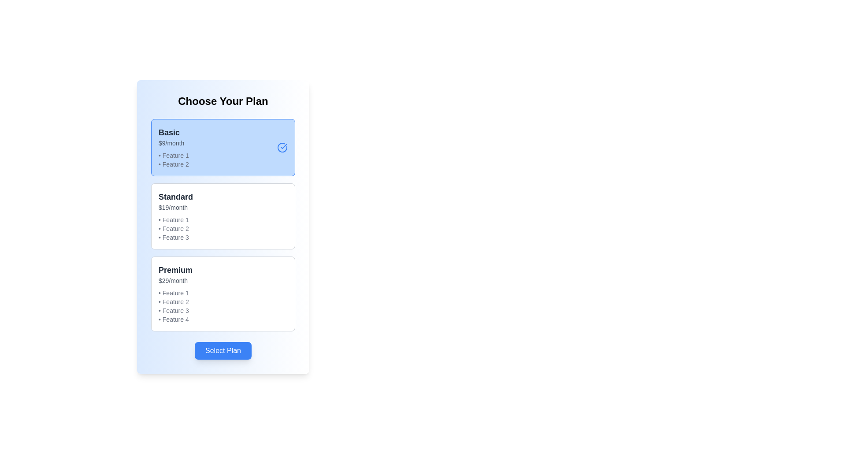 The width and height of the screenshot is (846, 476). What do you see at coordinates (175, 228) in the screenshot?
I see `the text block containing three bullet-pointed lines in small gray text located in the 'Standard' plan section beneath the title and price details` at bounding box center [175, 228].